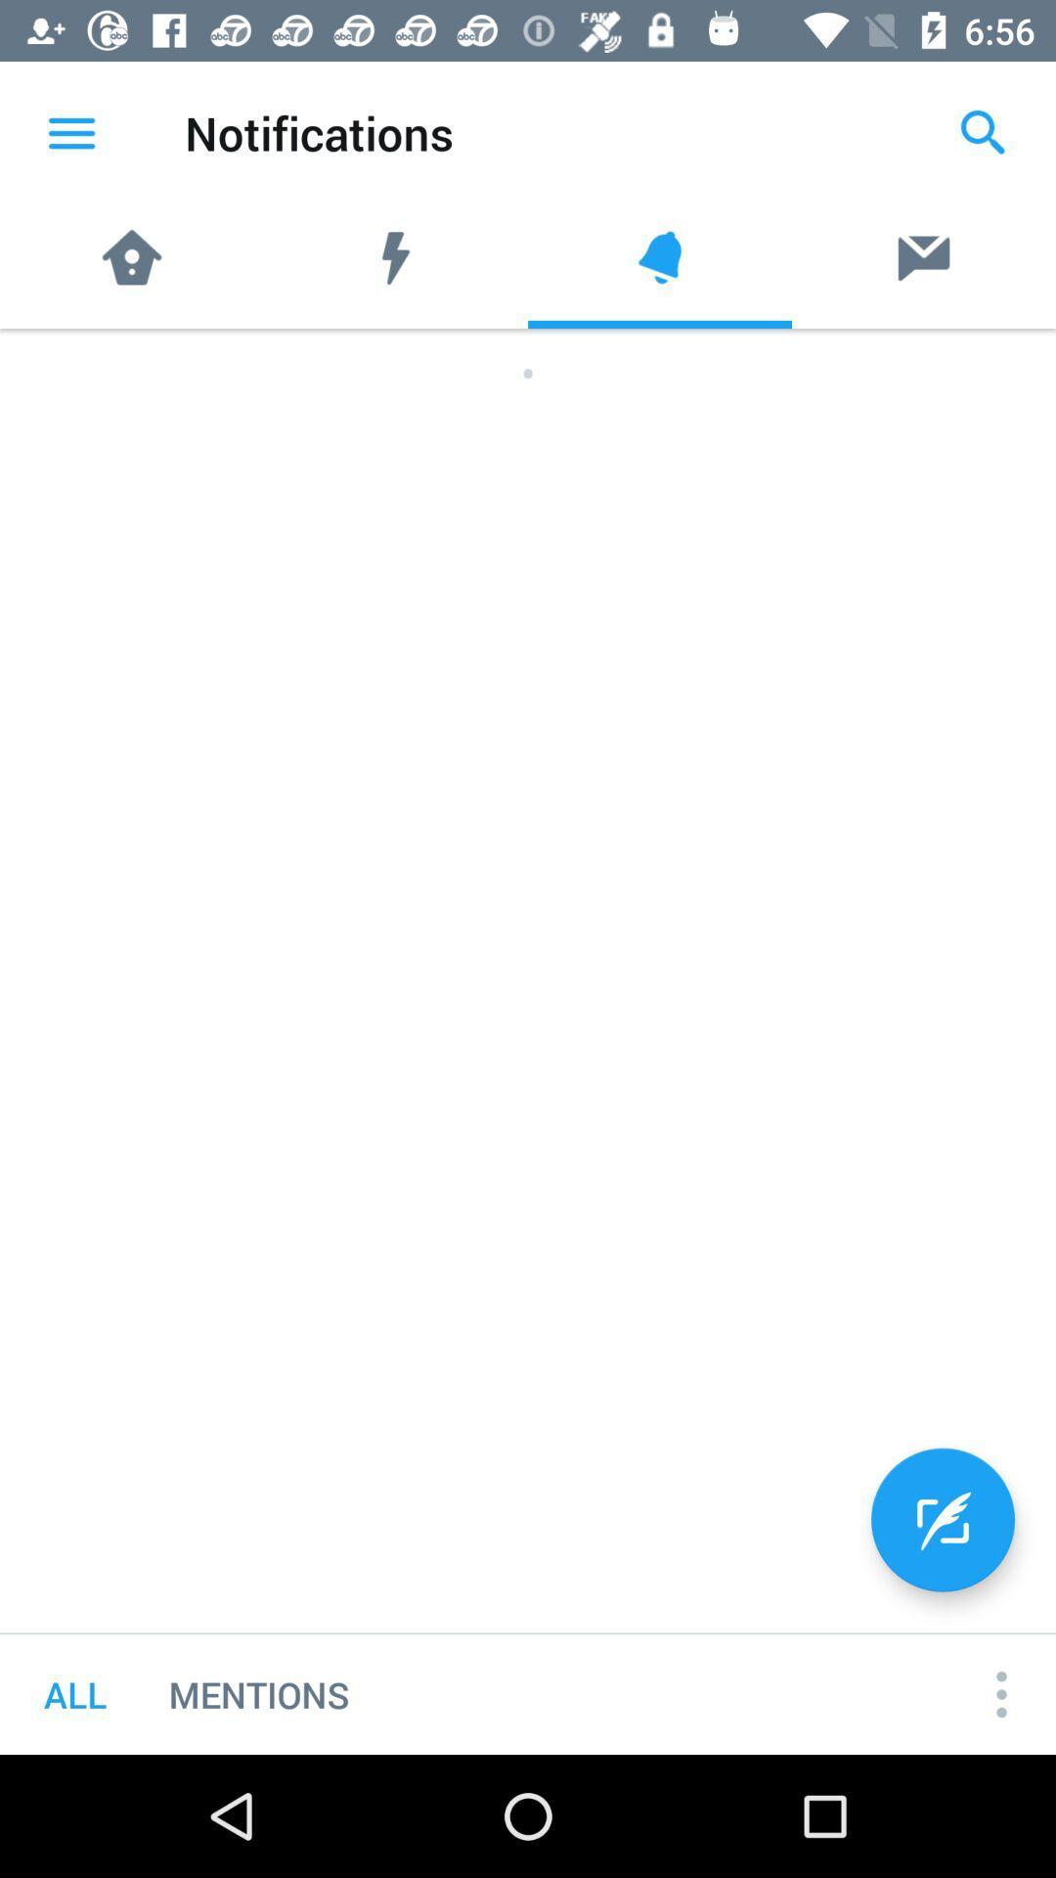  I want to click on the more icon, so click(1001, 1693).